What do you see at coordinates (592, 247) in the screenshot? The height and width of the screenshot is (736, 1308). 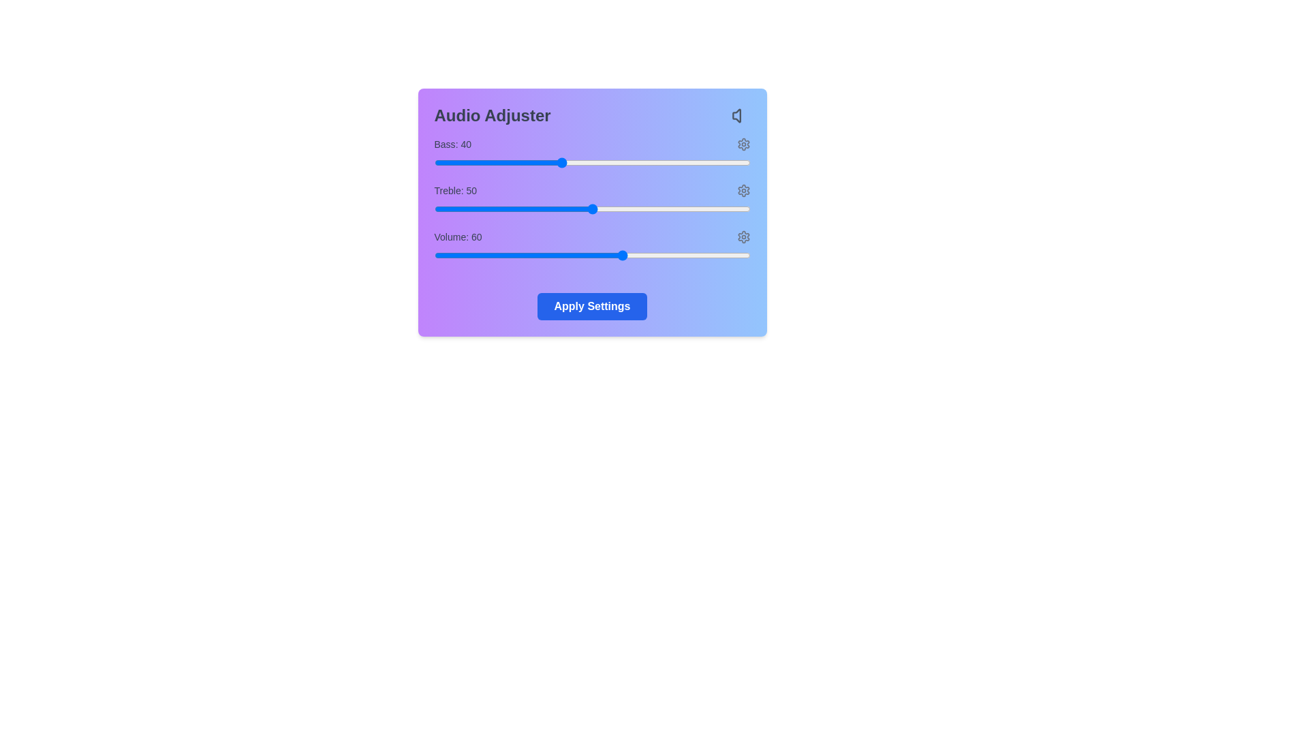 I see `the slider control labeled 'Volume: 60'` at bounding box center [592, 247].